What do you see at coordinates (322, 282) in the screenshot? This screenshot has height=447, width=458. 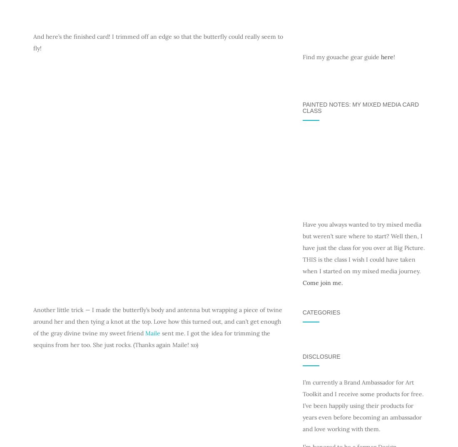 I see `'Come join me.'` at bounding box center [322, 282].